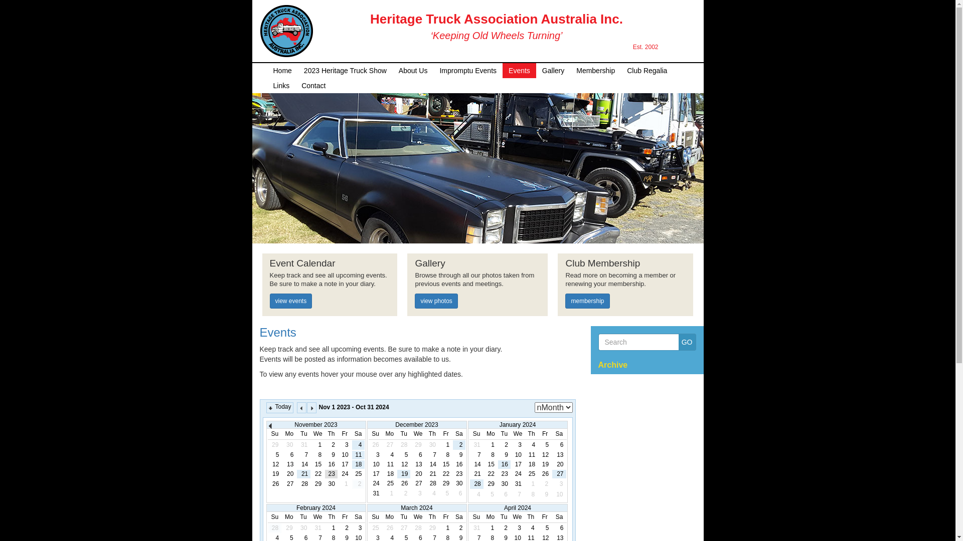 Image resolution: width=963 pixels, height=541 pixels. I want to click on '26', so click(275, 483).